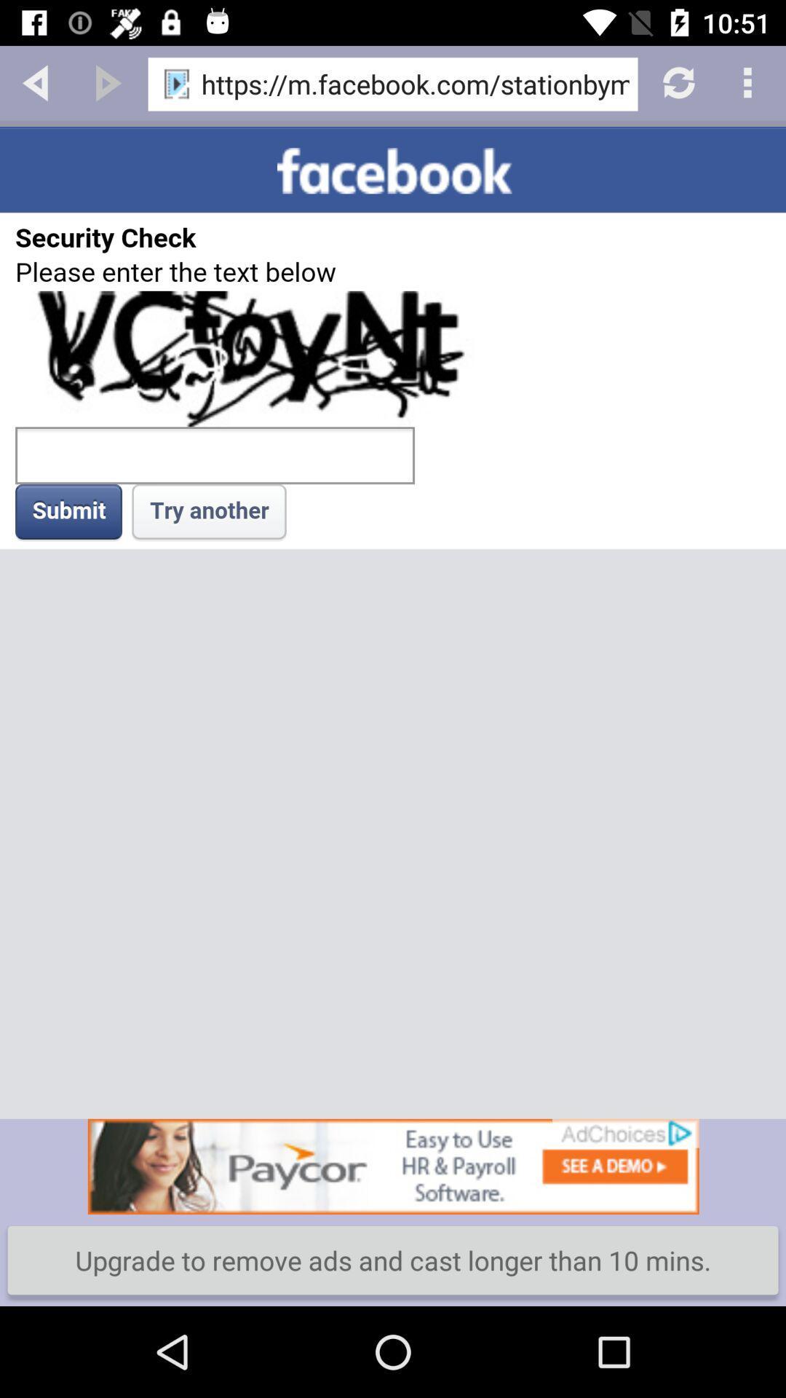  I want to click on back button, so click(35, 81).